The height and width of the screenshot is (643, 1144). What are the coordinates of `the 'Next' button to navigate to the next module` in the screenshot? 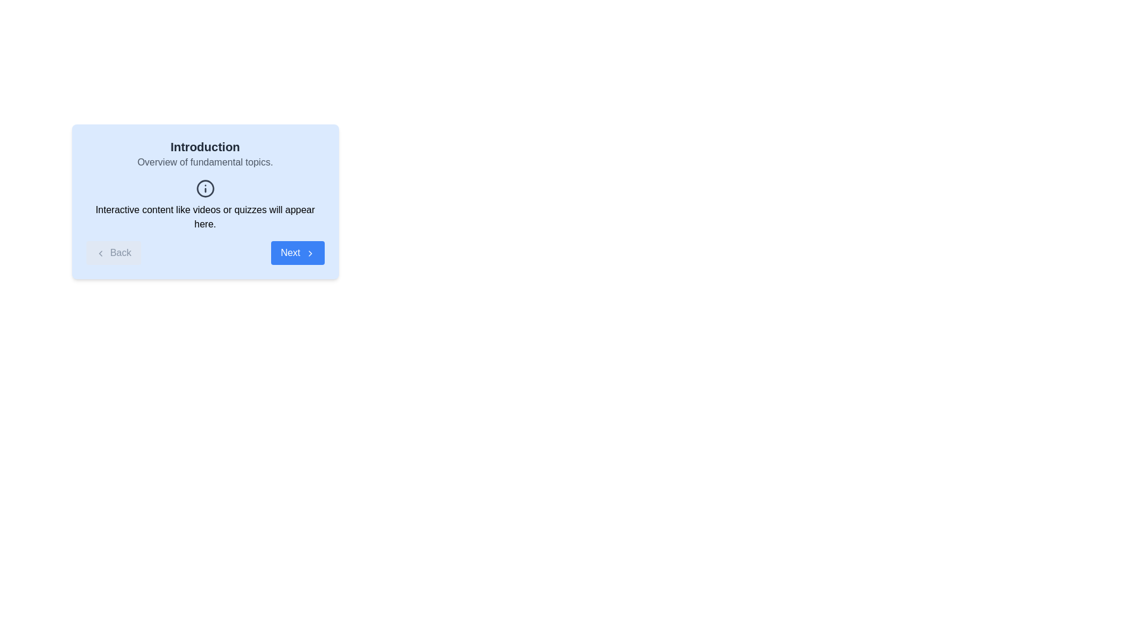 It's located at (297, 252).